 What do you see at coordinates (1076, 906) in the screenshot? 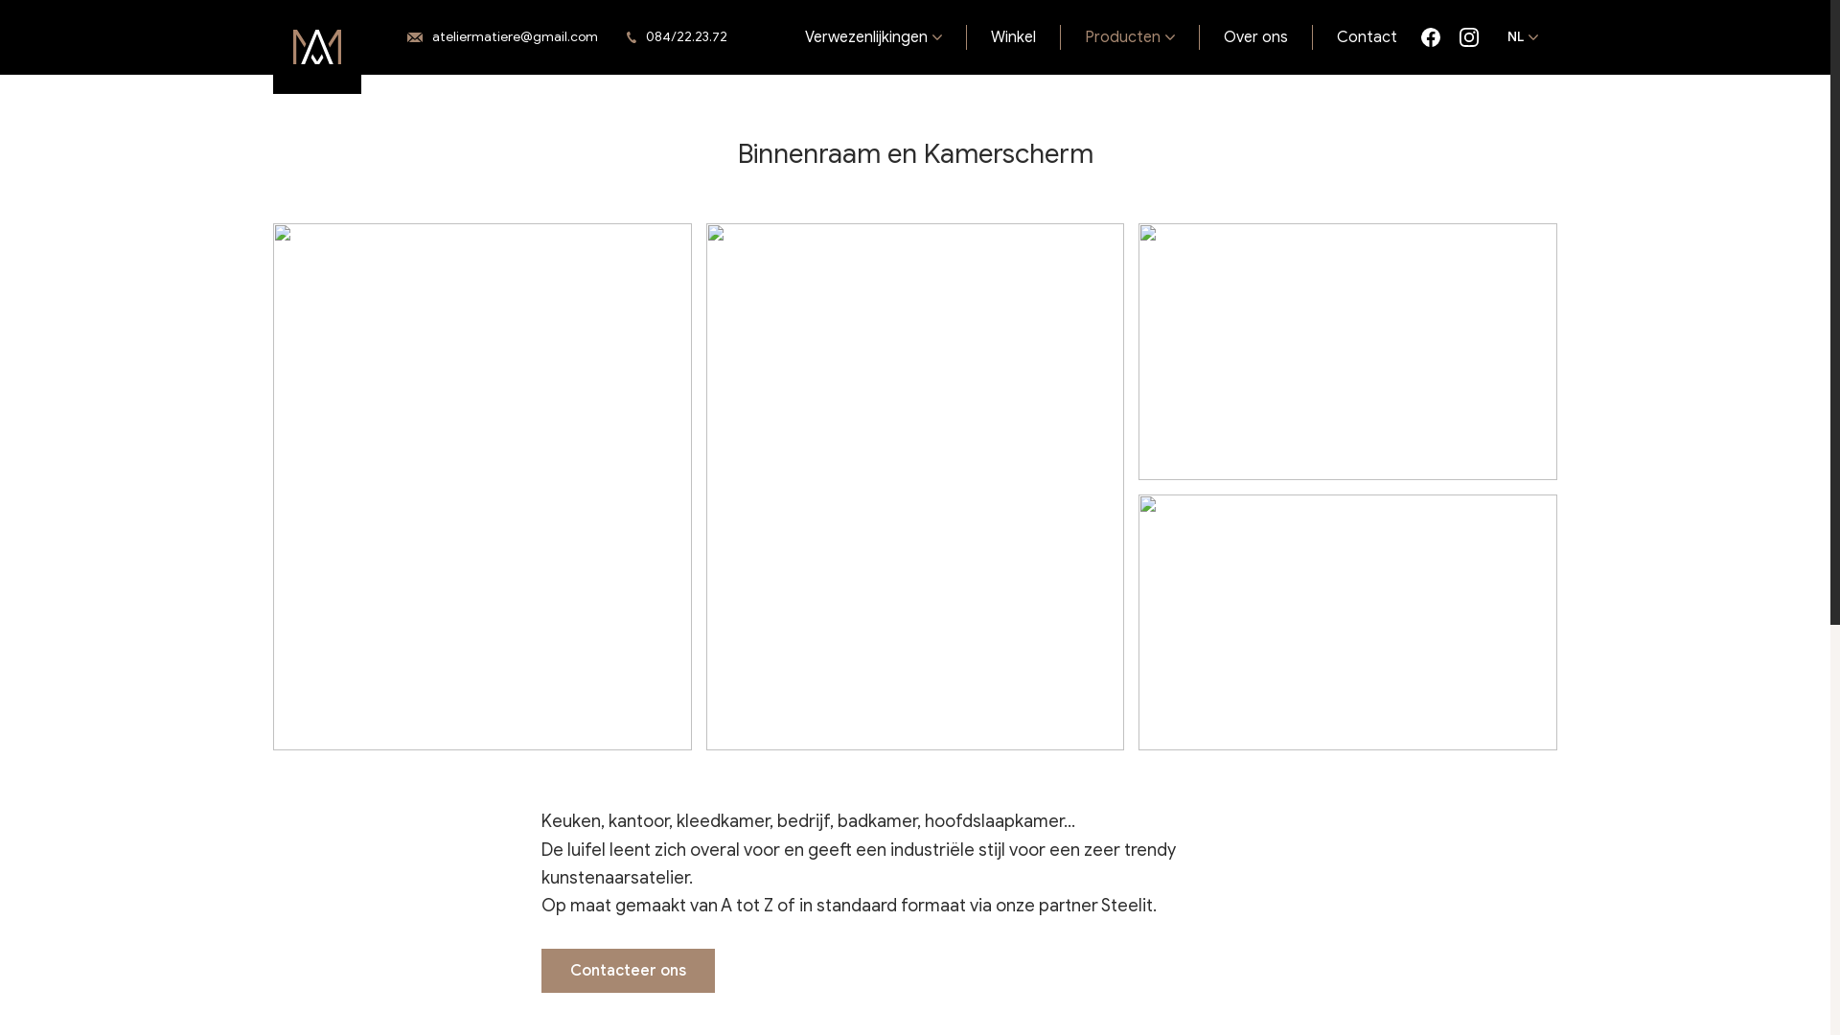
I see `'onze partner Steelit.'` at bounding box center [1076, 906].